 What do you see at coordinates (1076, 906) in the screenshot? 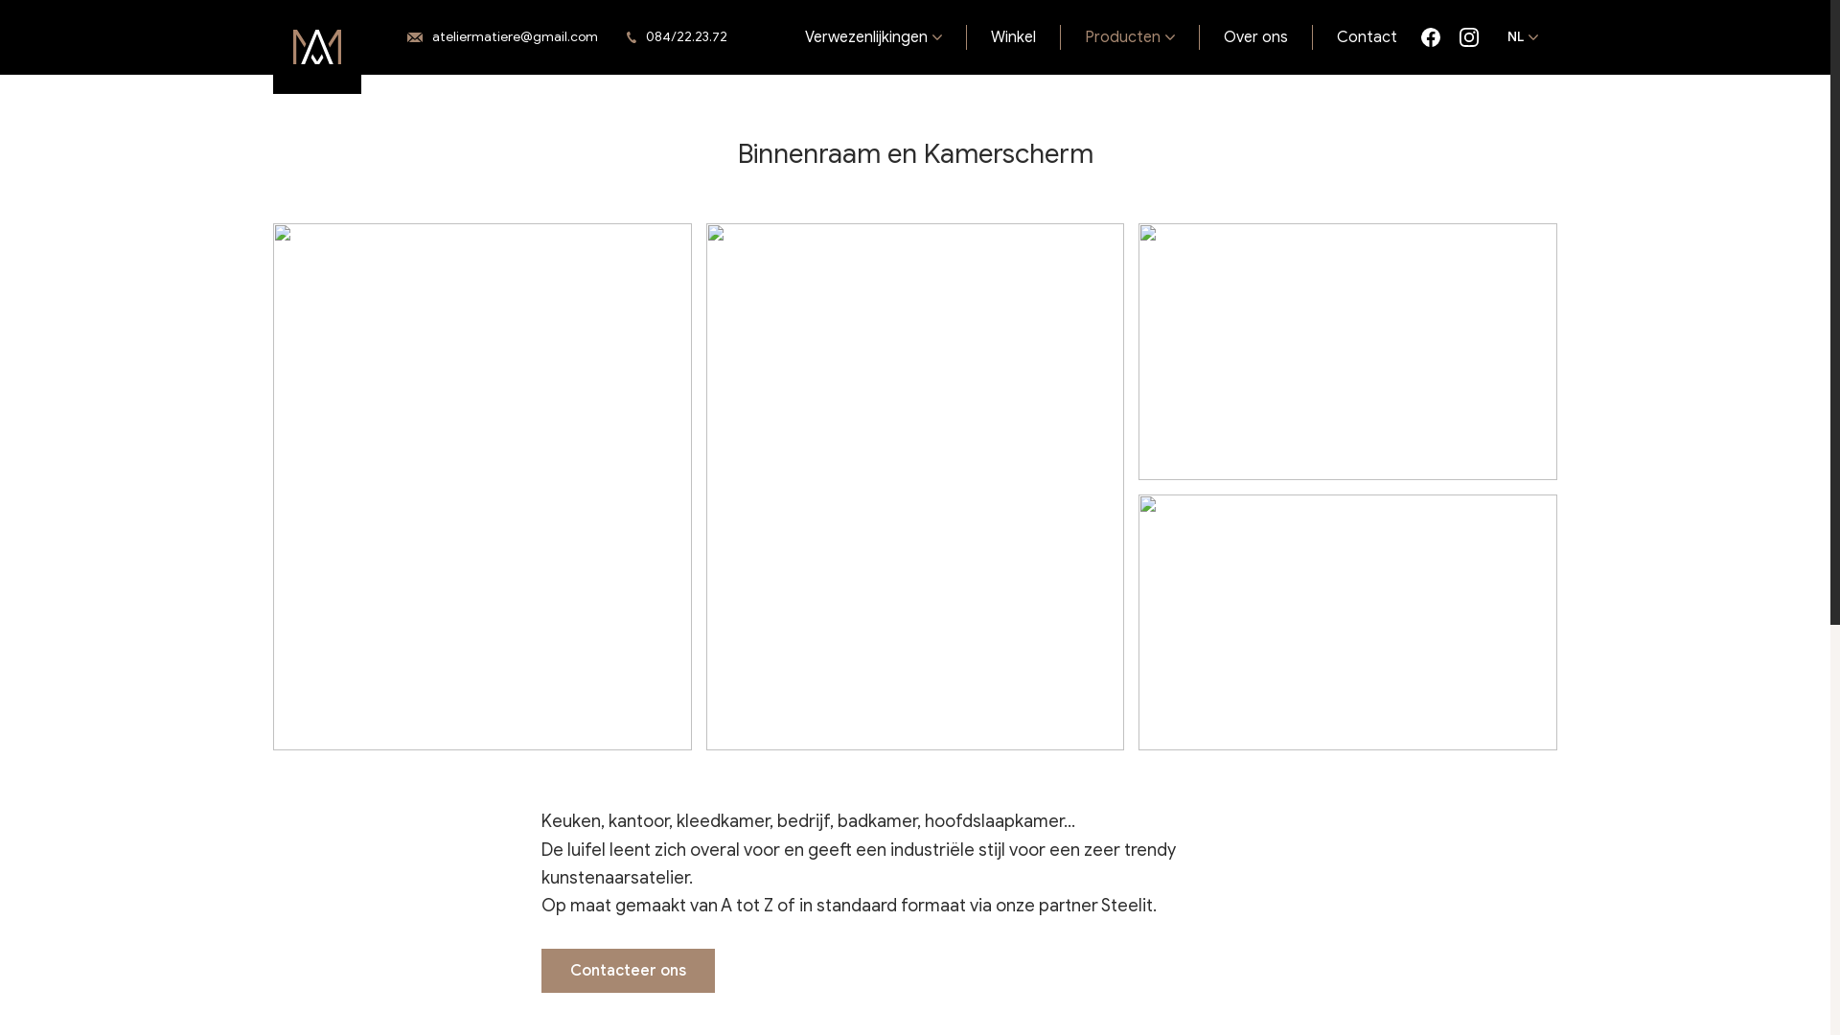
I see `'onze partner Steelit.'` at bounding box center [1076, 906].